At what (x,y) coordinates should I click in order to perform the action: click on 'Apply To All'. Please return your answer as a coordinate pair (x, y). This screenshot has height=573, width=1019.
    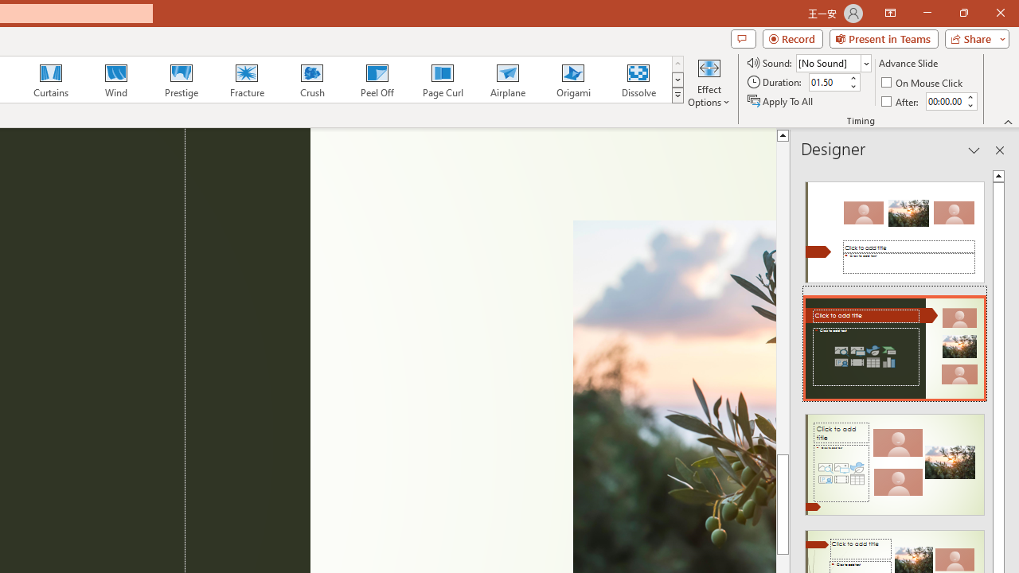
    Looking at the image, I should click on (781, 101).